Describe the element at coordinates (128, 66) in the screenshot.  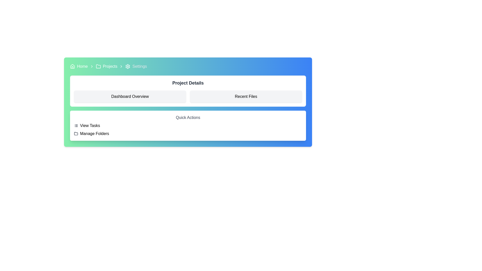
I see `the gear icon in the navigation bar` at that location.